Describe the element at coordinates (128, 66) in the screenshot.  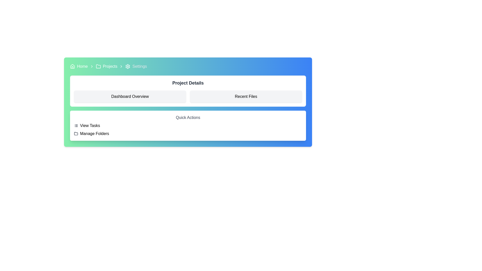
I see `the gear icon in the navigation bar` at that location.